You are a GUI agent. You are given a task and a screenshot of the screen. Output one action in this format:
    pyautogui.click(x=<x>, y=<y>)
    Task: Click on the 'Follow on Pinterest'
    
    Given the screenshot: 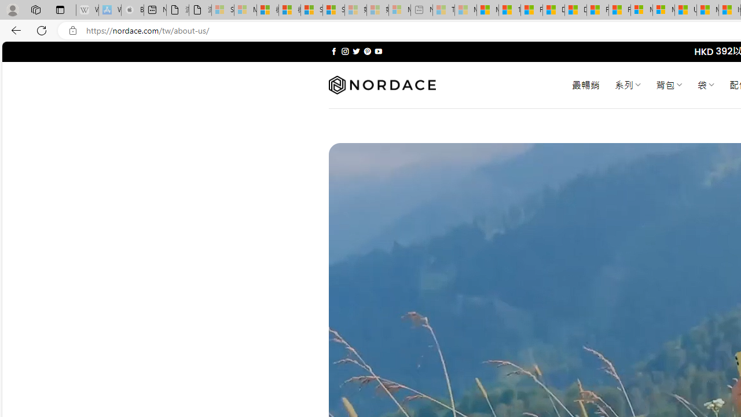 What is the action you would take?
    pyautogui.click(x=366, y=51)
    